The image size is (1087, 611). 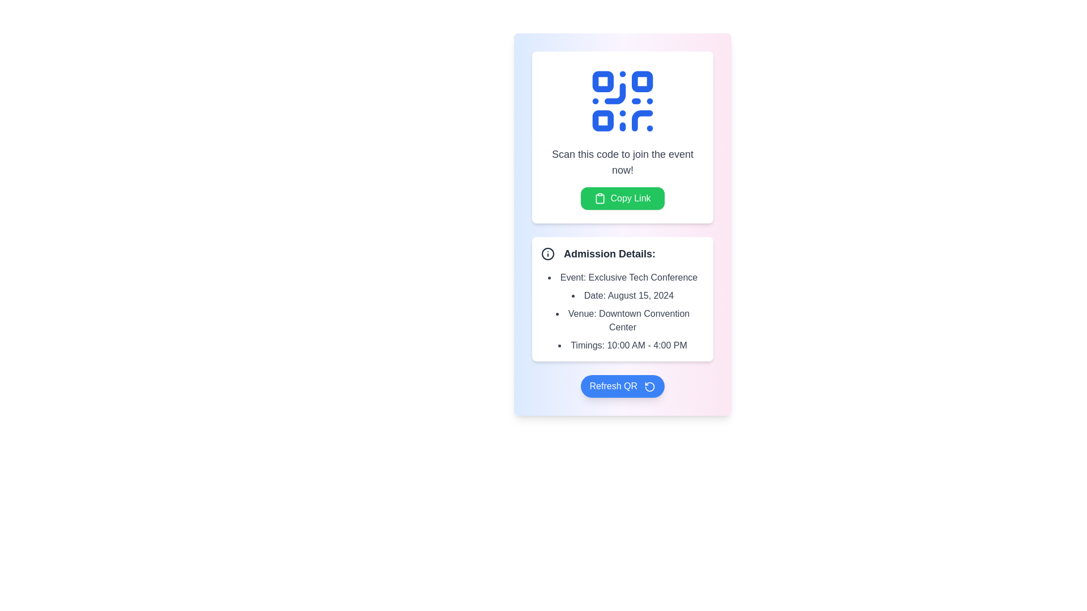 What do you see at coordinates (602, 121) in the screenshot?
I see `the small blue square with a white interior and rounded corners, which is the third rectangular component from the left in the second row of the QR code design at the top of the interface` at bounding box center [602, 121].